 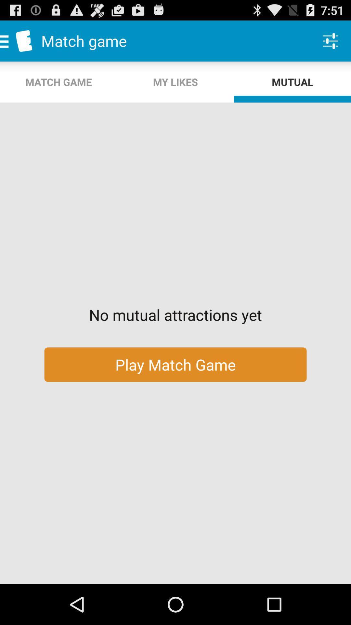 What do you see at coordinates (331, 40) in the screenshot?
I see `the app above mutual item` at bounding box center [331, 40].